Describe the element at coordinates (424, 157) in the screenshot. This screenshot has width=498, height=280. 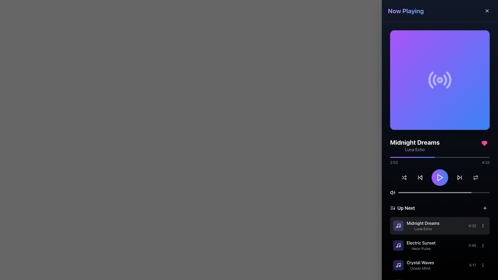
I see `the playback position` at that location.